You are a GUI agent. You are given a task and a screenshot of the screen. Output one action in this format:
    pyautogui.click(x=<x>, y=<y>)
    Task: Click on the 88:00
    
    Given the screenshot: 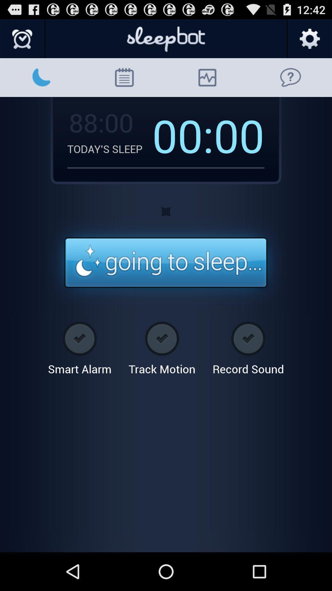 What is the action you would take?
    pyautogui.click(x=100, y=122)
    